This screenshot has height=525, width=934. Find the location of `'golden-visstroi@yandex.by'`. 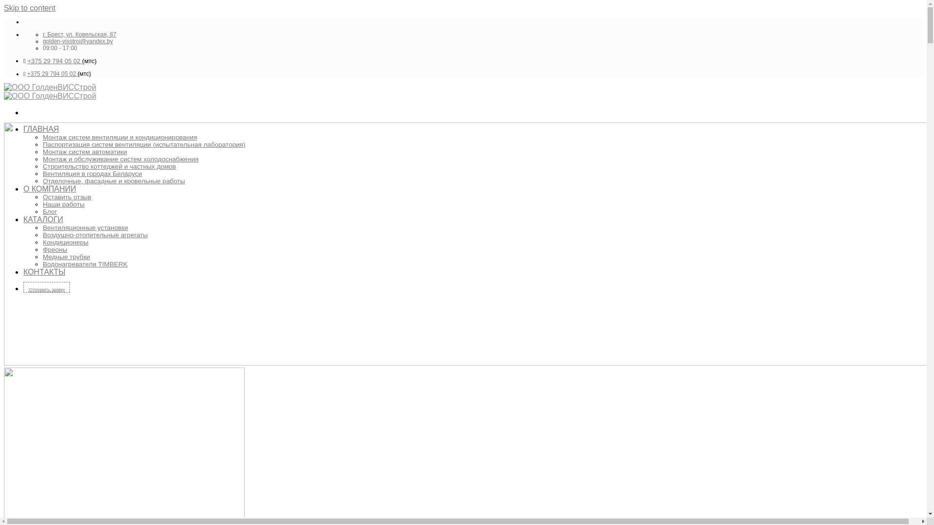

'golden-visstroi@yandex.by' is located at coordinates (77, 40).